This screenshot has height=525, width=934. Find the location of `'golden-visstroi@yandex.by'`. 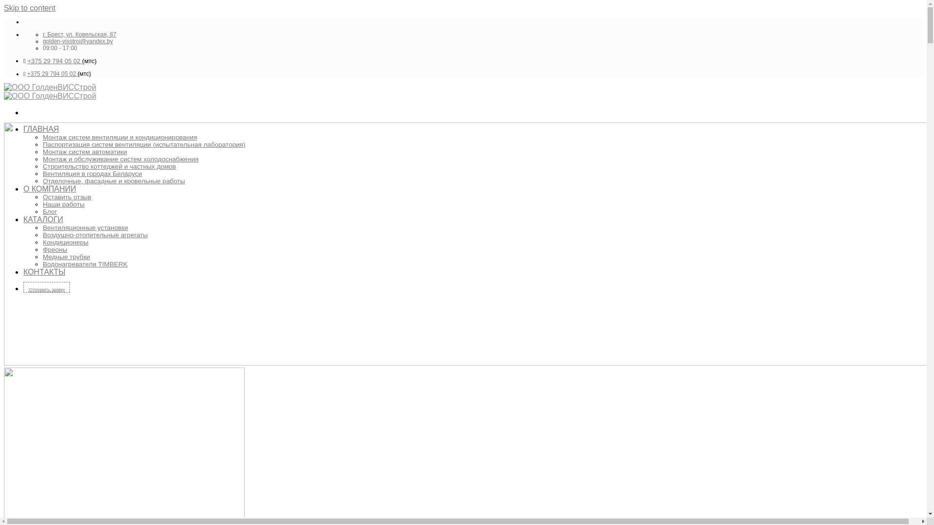

'golden-visstroi@yandex.by' is located at coordinates (77, 40).